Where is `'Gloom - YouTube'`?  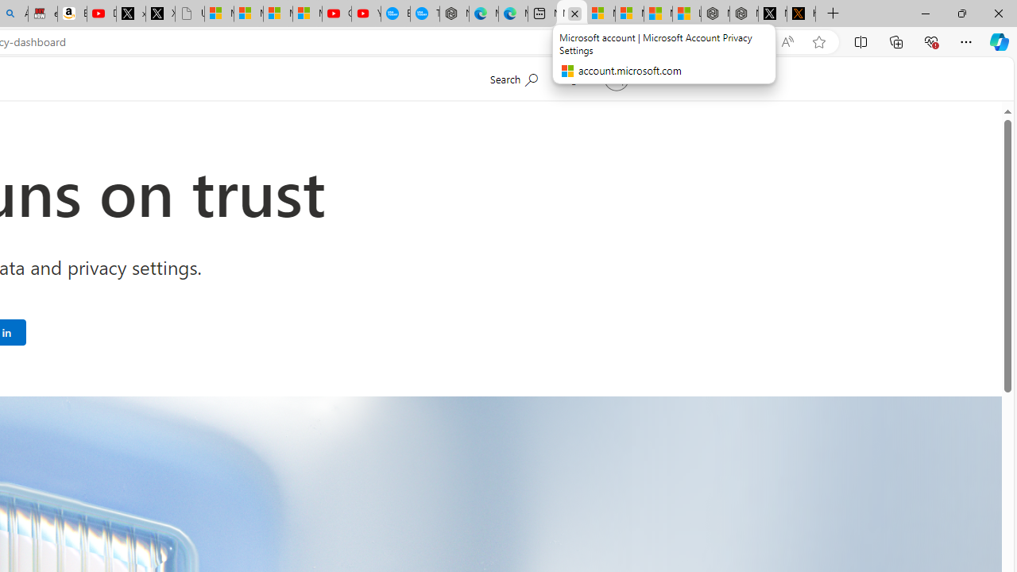
'Gloom - YouTube' is located at coordinates (335, 14).